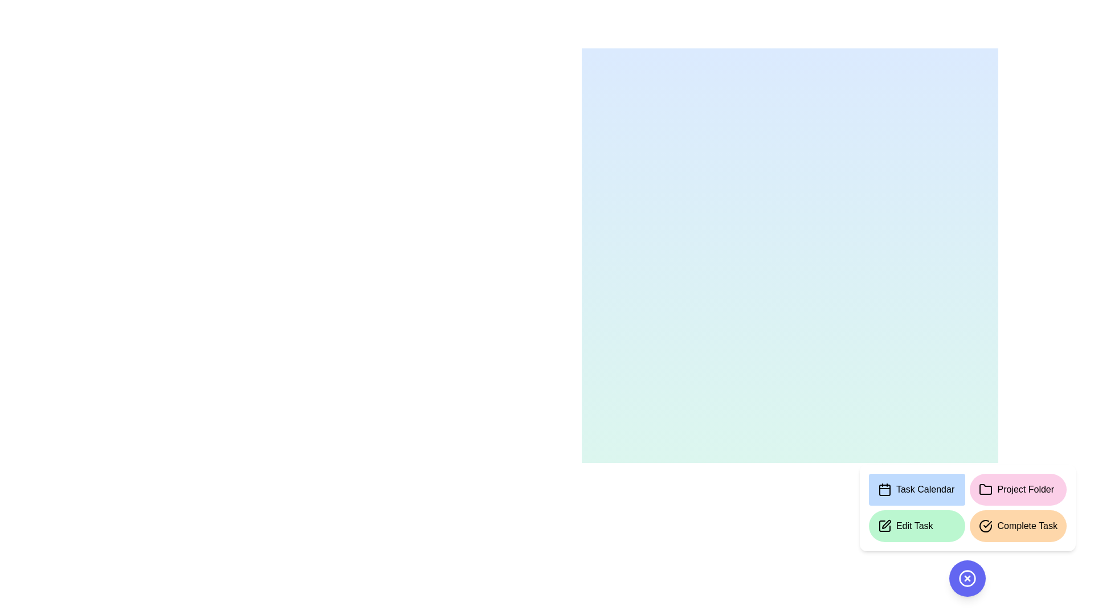 The height and width of the screenshot is (615, 1094). I want to click on the pencil icon on the 'Edit Task' button with a green background, so click(884, 526).